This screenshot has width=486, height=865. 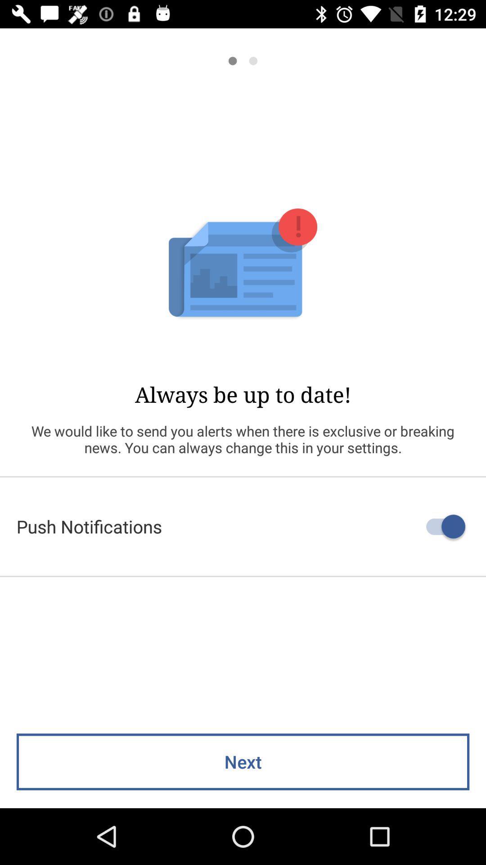 What do you see at coordinates (243, 761) in the screenshot?
I see `next` at bounding box center [243, 761].